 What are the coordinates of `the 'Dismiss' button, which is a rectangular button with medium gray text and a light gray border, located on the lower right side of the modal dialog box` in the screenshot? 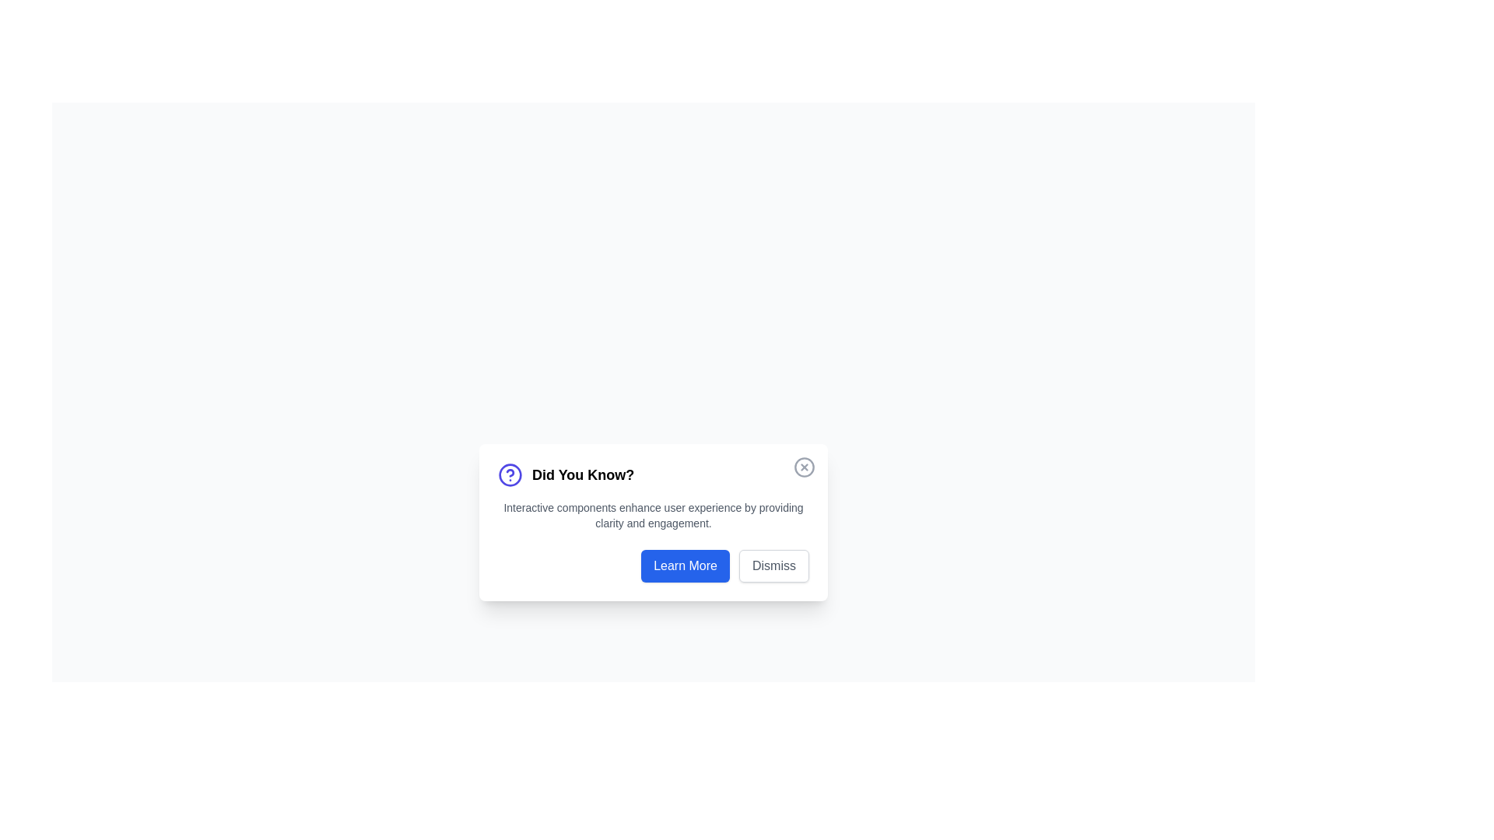 It's located at (773, 566).